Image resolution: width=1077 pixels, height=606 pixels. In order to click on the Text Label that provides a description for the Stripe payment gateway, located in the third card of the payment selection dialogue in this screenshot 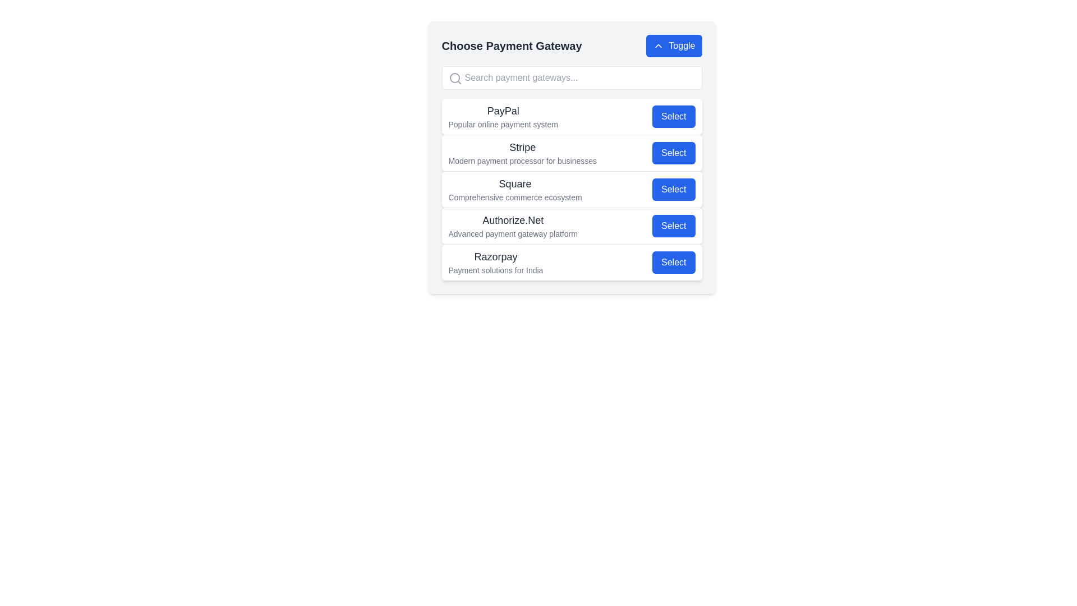, I will do `click(522, 153)`.